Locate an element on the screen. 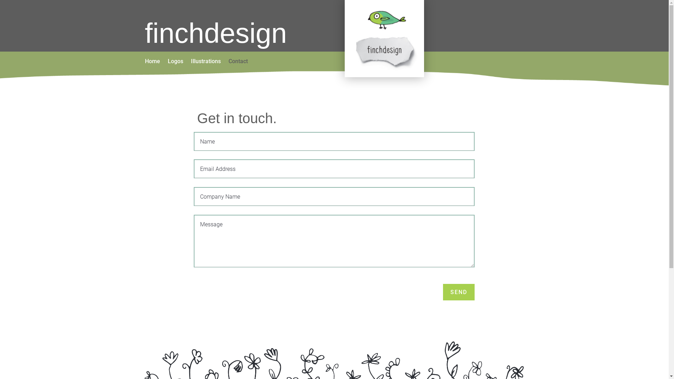 The height and width of the screenshot is (379, 674). 'Home' is located at coordinates (152, 62).